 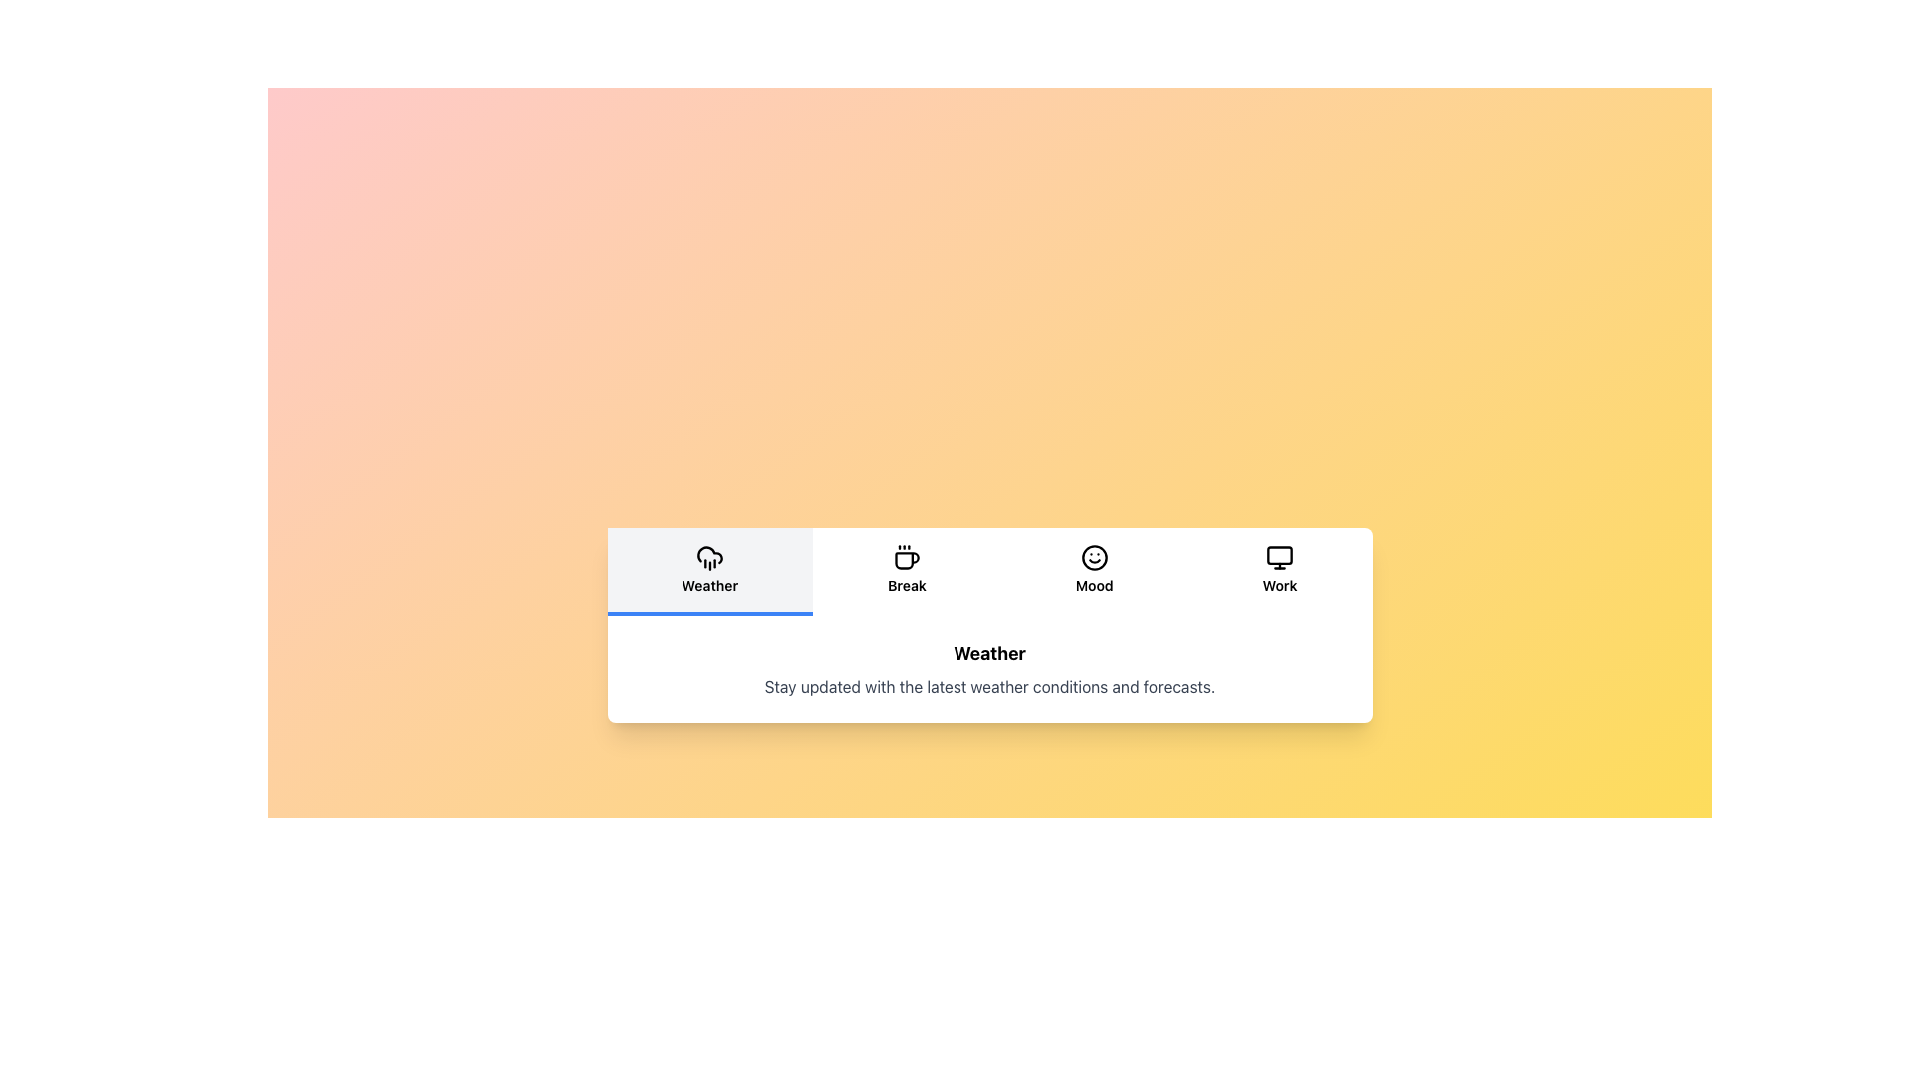 What do you see at coordinates (1093, 572) in the screenshot?
I see `the 'Mood' selectable tab with a smiley face icon to trigger potential hover effects` at bounding box center [1093, 572].